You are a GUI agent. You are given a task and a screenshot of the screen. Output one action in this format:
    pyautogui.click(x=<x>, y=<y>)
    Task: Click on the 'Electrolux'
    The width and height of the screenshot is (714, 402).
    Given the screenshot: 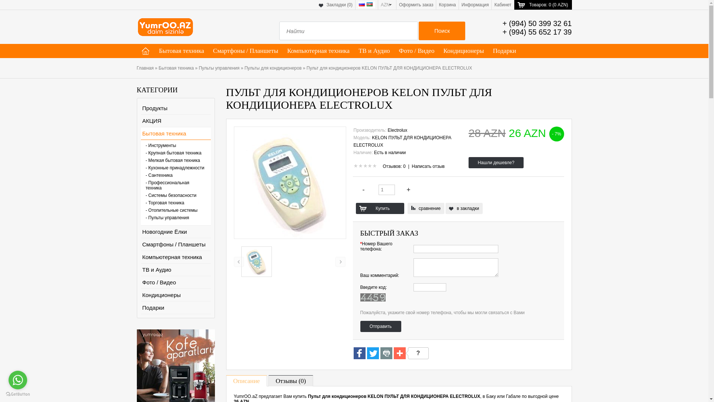 What is the action you would take?
    pyautogui.click(x=397, y=130)
    